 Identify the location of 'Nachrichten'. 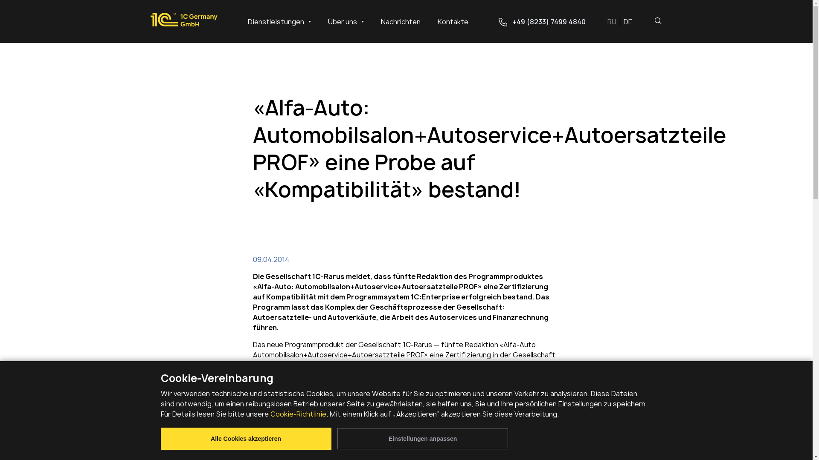
(400, 21).